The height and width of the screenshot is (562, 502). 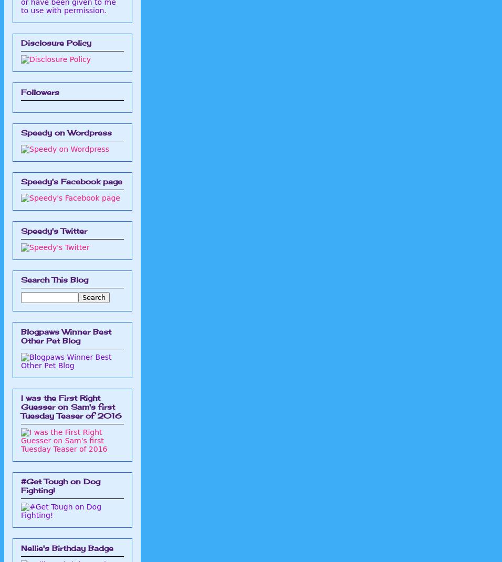 What do you see at coordinates (53, 230) in the screenshot?
I see `'Speedy's Twitter'` at bounding box center [53, 230].